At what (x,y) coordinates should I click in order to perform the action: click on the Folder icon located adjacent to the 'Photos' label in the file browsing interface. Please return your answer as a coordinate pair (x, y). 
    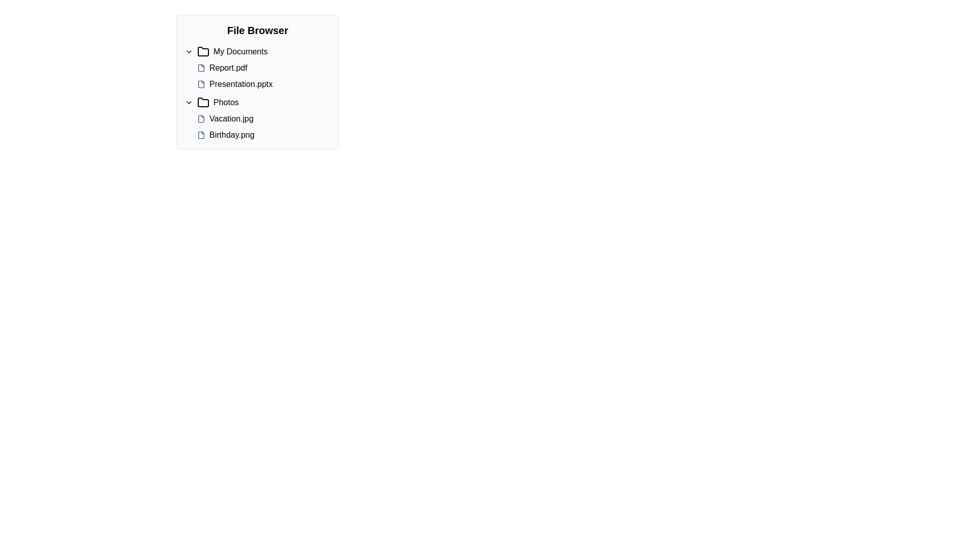
    Looking at the image, I should click on (203, 102).